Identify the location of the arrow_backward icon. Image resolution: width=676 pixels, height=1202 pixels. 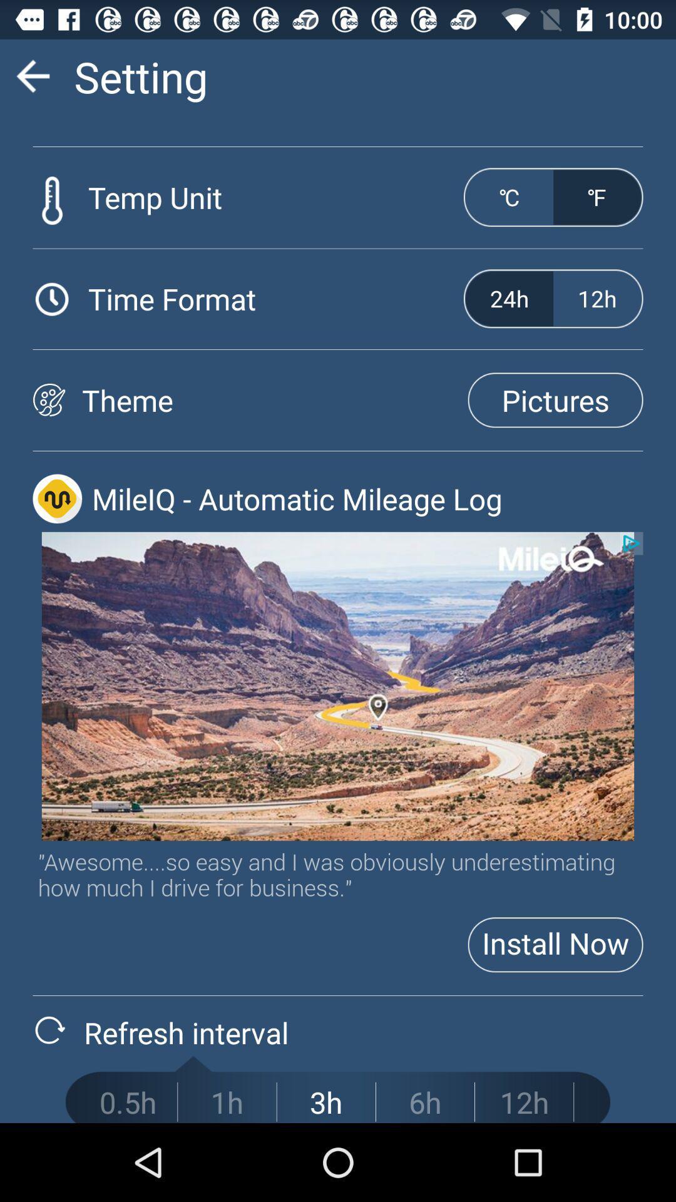
(32, 81).